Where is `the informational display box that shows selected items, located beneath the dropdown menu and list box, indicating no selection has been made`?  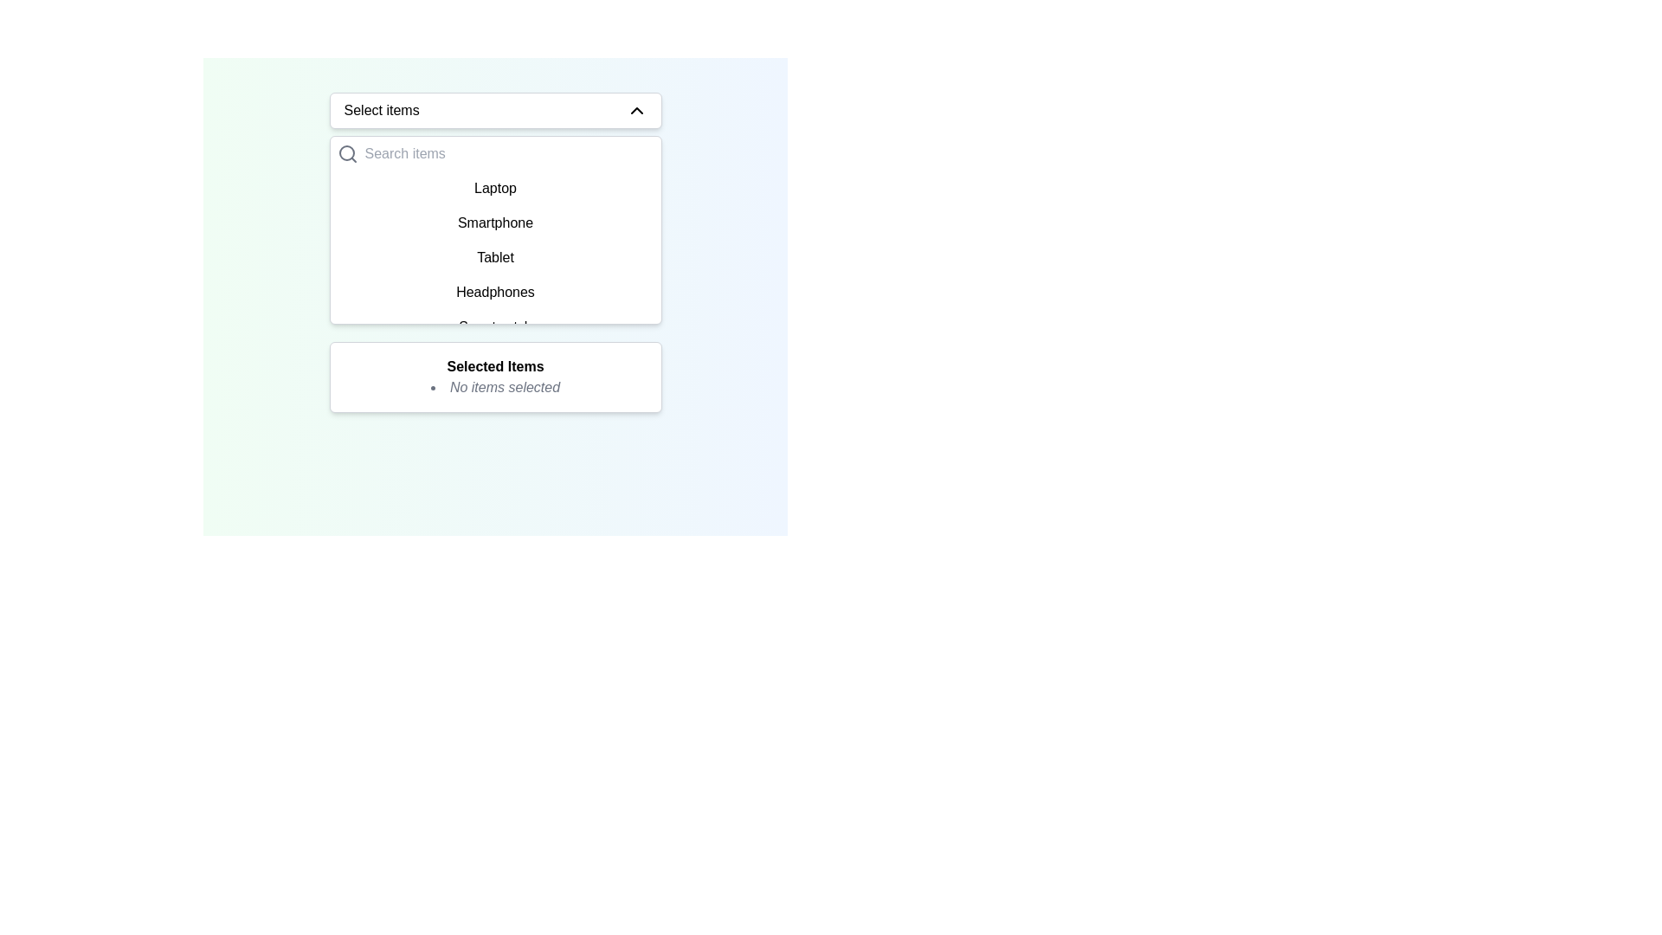
the informational display box that shows selected items, located beneath the dropdown menu and list box, indicating no selection has been made is located at coordinates (494, 376).